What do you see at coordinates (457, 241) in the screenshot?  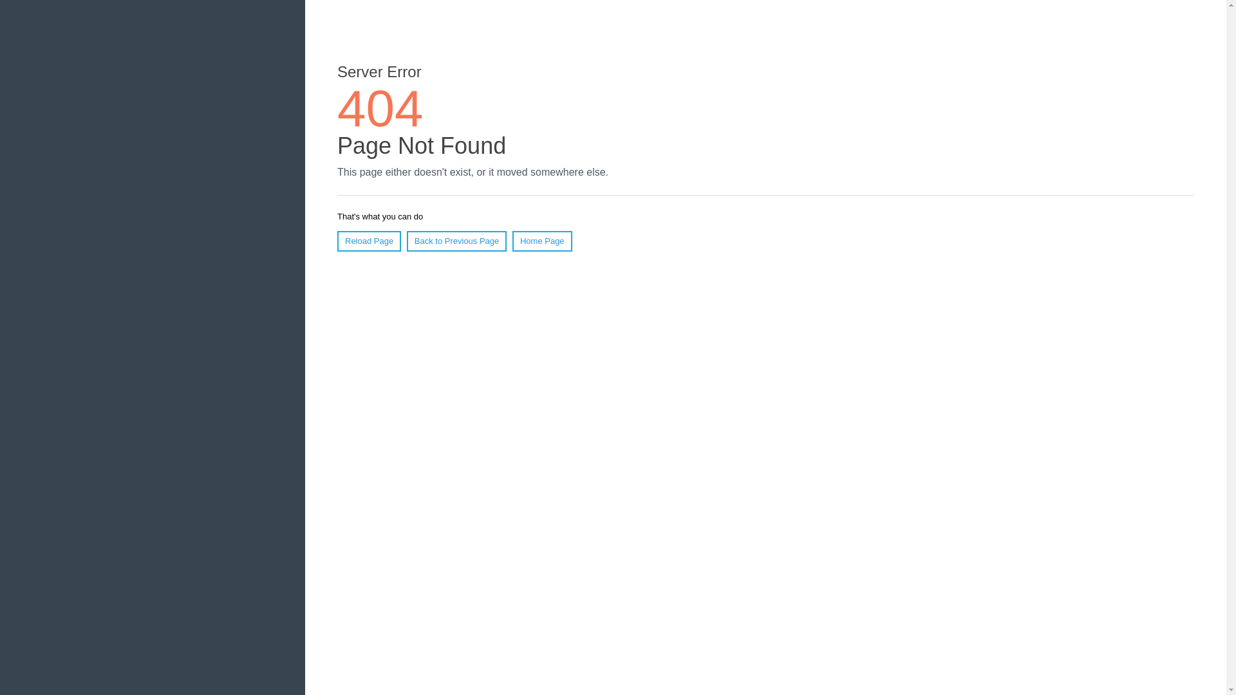 I see `'Back to Previous Page'` at bounding box center [457, 241].